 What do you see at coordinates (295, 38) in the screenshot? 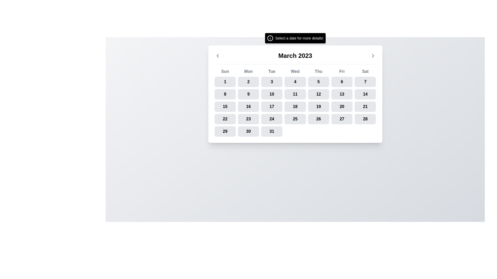
I see `the tooltip with the black background and white text that reads 'Select a date for more details!', located above the calendar component` at bounding box center [295, 38].